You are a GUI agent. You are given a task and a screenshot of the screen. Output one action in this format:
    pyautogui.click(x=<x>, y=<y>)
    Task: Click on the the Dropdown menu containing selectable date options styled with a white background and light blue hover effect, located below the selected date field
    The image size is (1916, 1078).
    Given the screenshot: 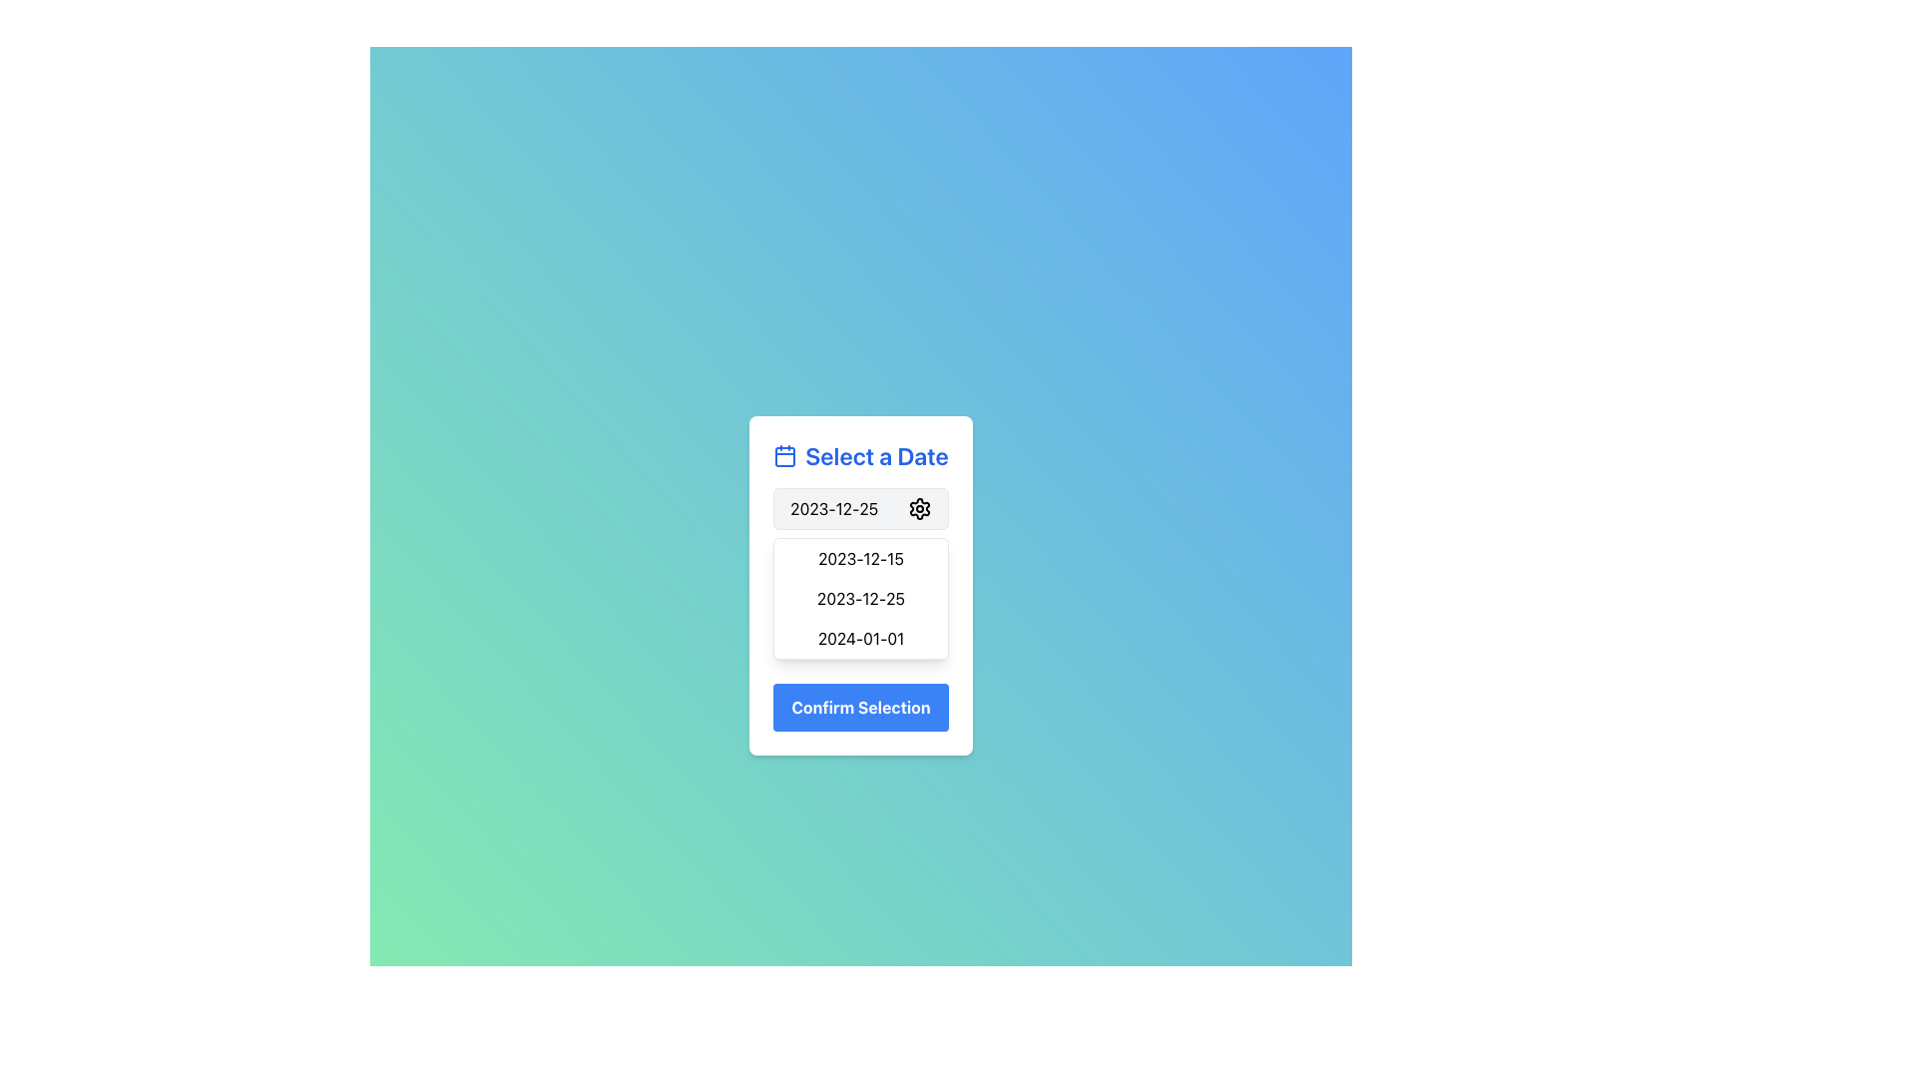 What is the action you would take?
    pyautogui.click(x=861, y=584)
    